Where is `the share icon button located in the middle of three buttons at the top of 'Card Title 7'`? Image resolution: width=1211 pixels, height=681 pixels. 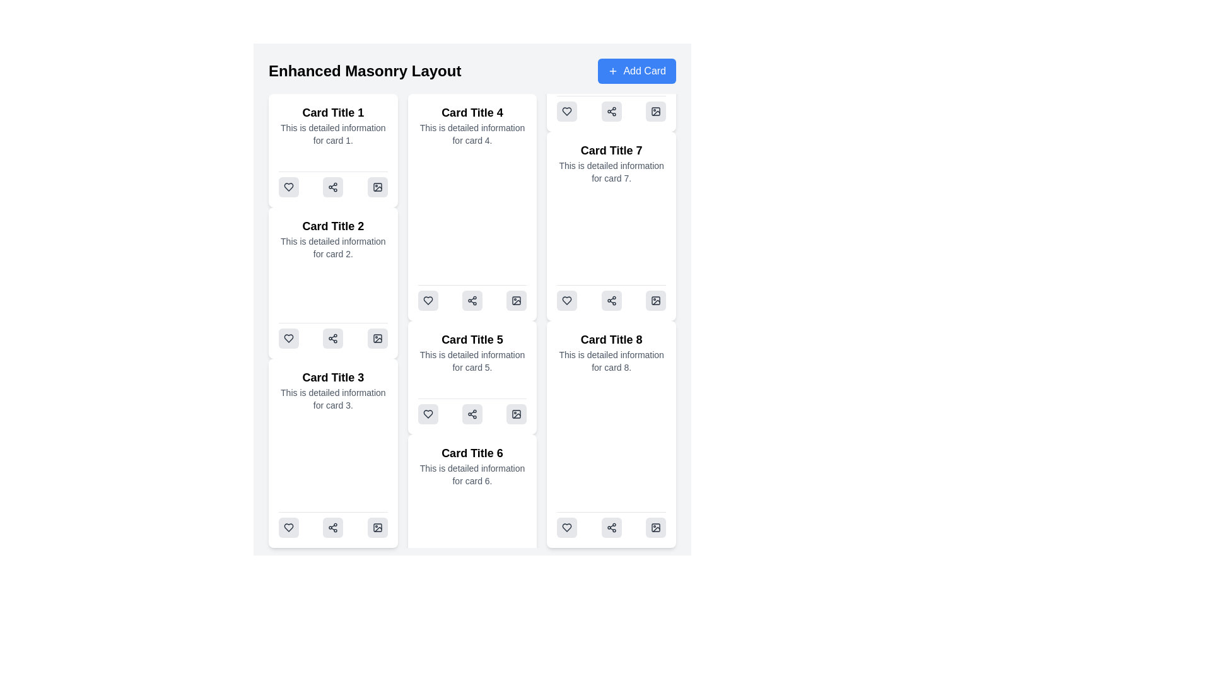
the share icon button located in the middle of three buttons at the top of 'Card Title 7' is located at coordinates (611, 111).